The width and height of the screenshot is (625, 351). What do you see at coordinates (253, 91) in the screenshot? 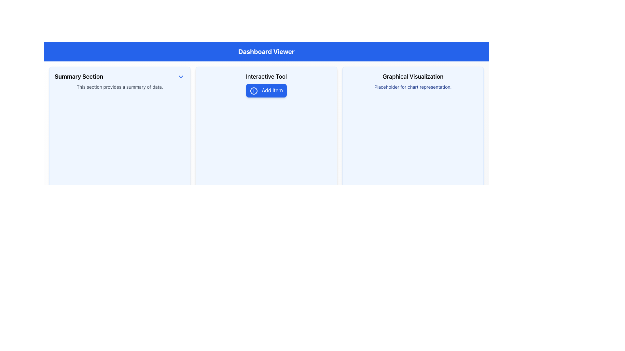
I see `the circular icon with a centered plus sign, styled with a blue fill and a white border, located within the 'Add Item' button in the 'Interactive Tool' section` at bounding box center [253, 91].